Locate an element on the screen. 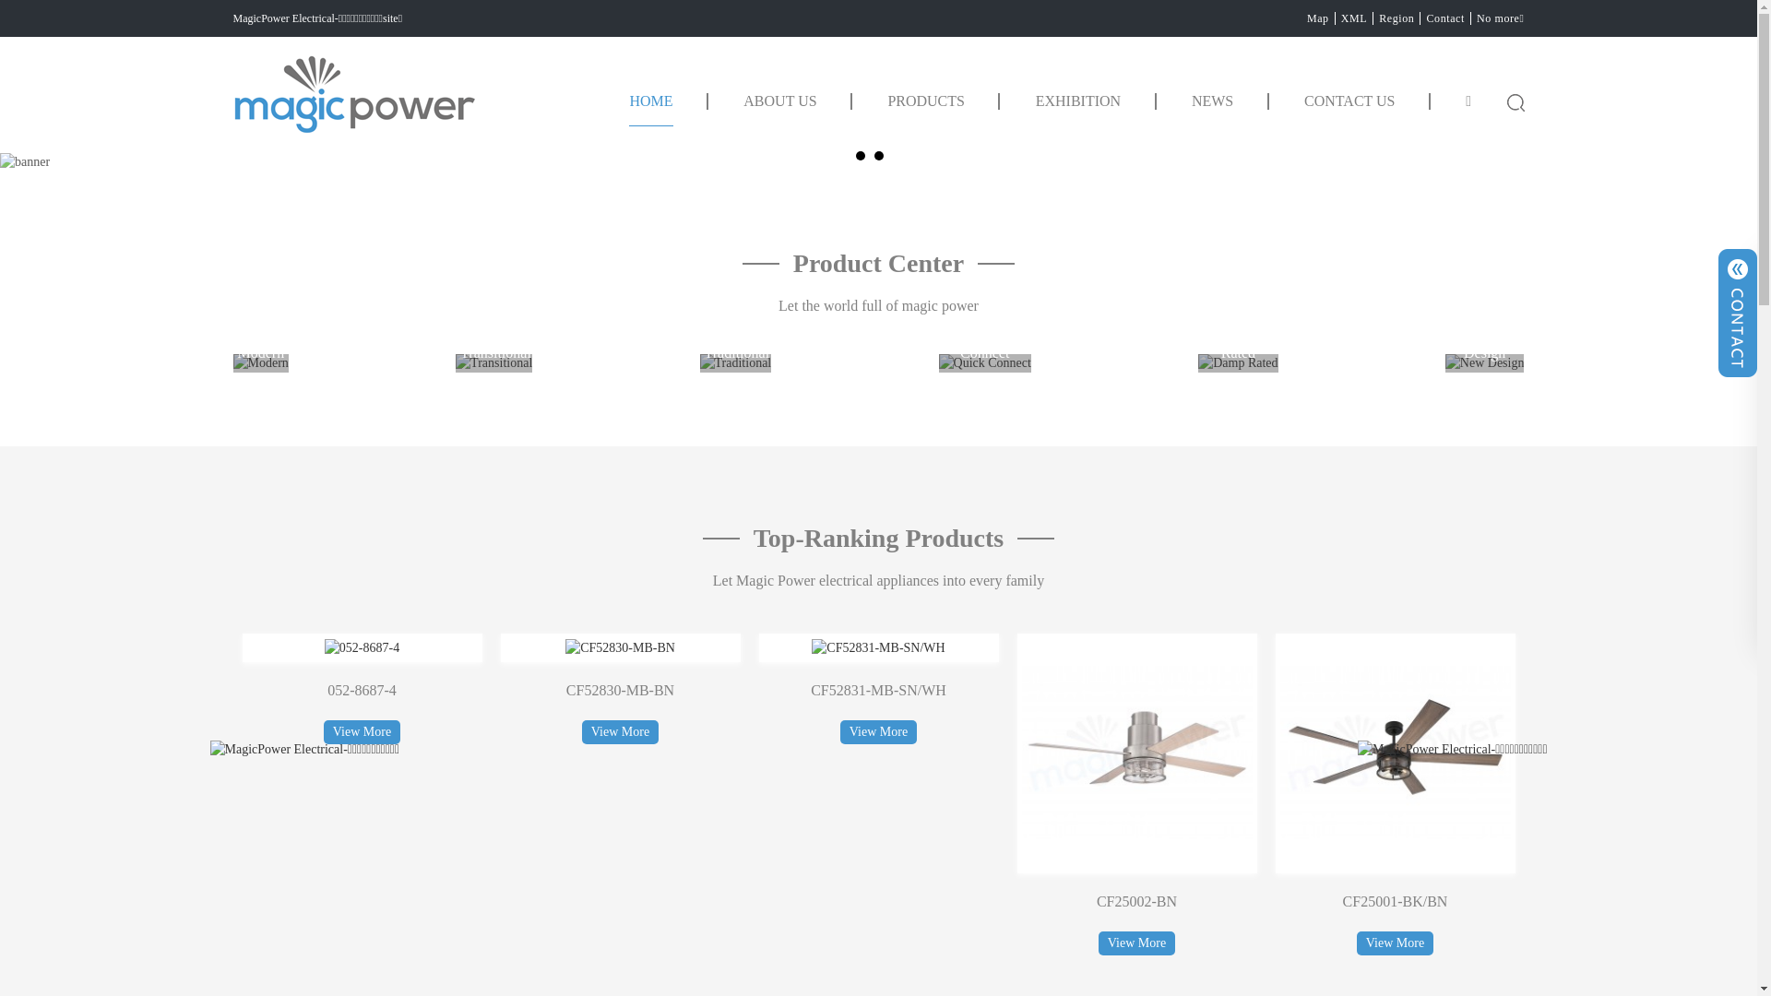 This screenshot has width=1771, height=996. 'CF52840-MB-BN is located at coordinates (241, 689).